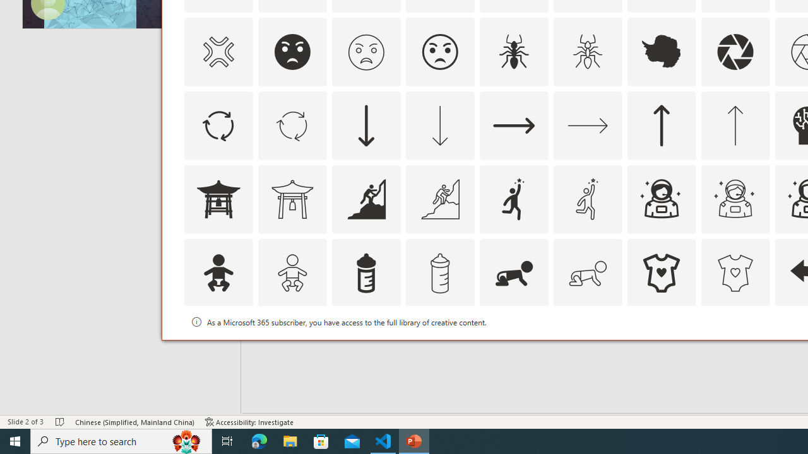 This screenshot has width=808, height=454. I want to click on 'AutomationID: Icons_AsianTemple1', so click(218, 199).